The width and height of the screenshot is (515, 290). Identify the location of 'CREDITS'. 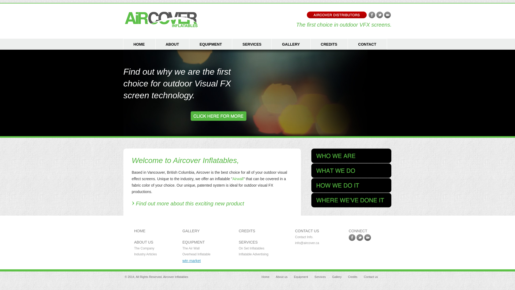
(247, 231).